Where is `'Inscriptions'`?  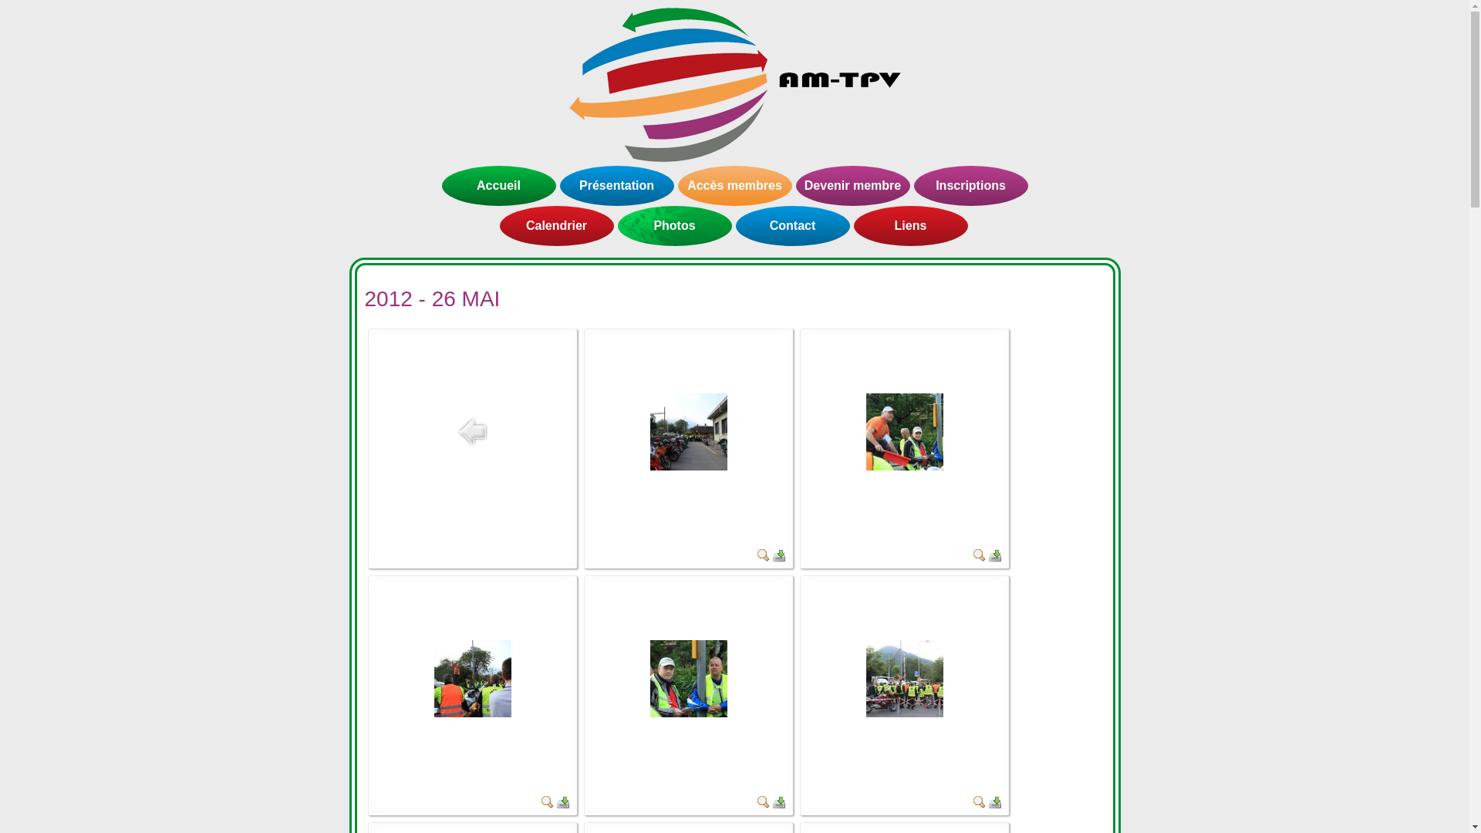 'Inscriptions' is located at coordinates (969, 184).